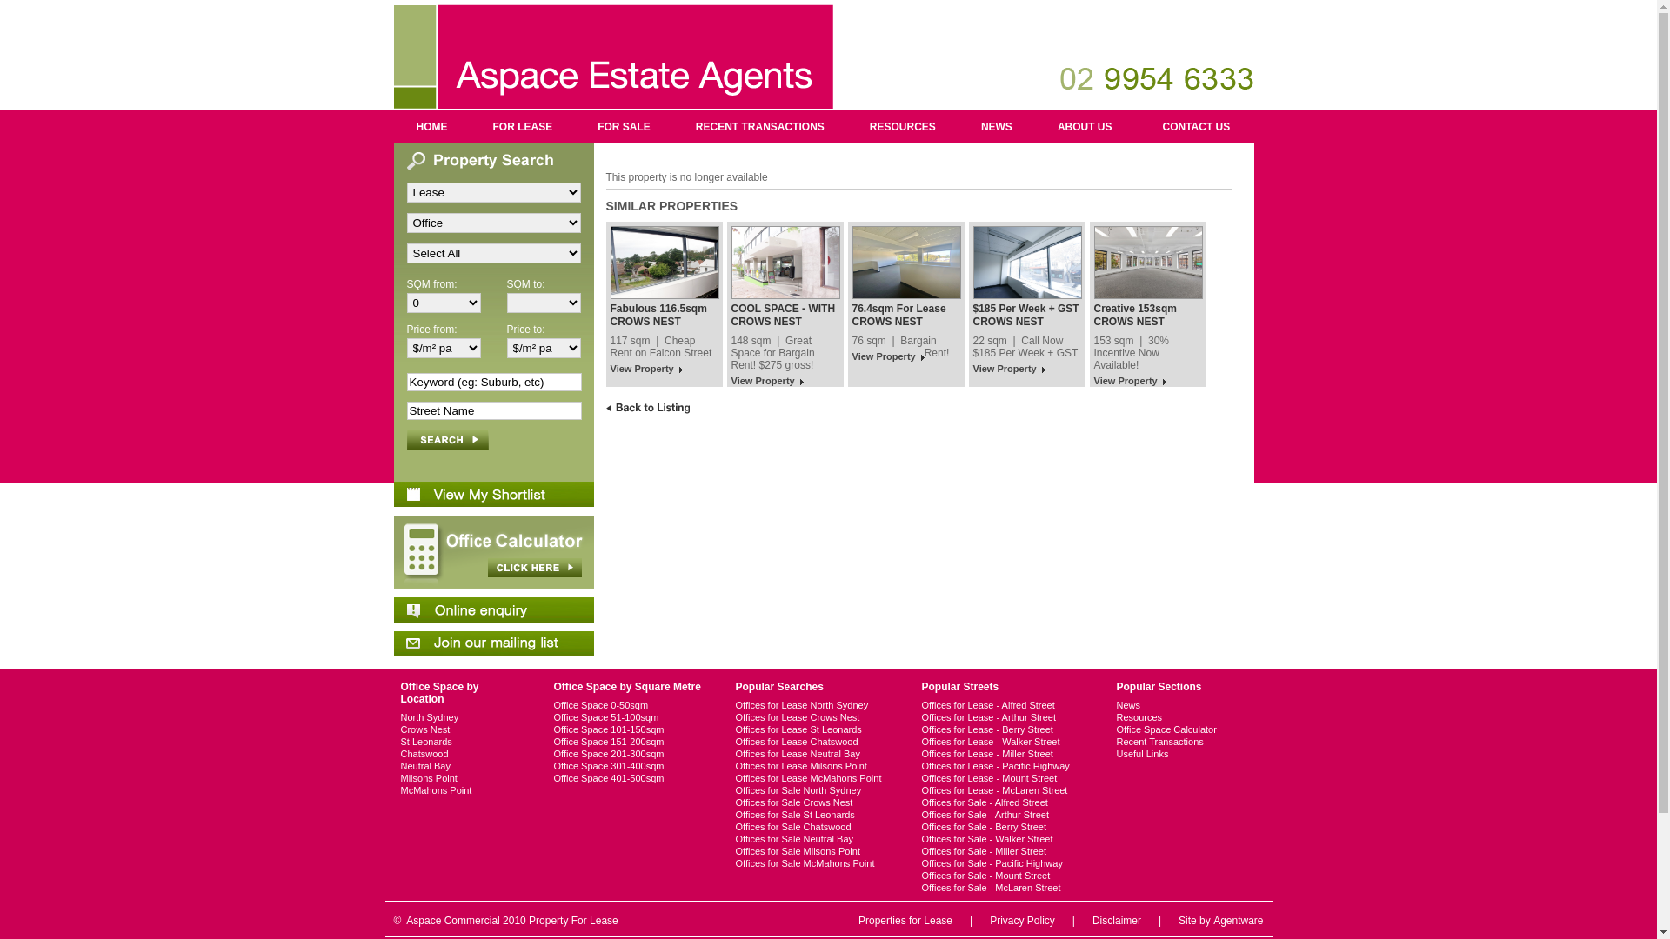  I want to click on 'Useful Links', so click(1169, 753).